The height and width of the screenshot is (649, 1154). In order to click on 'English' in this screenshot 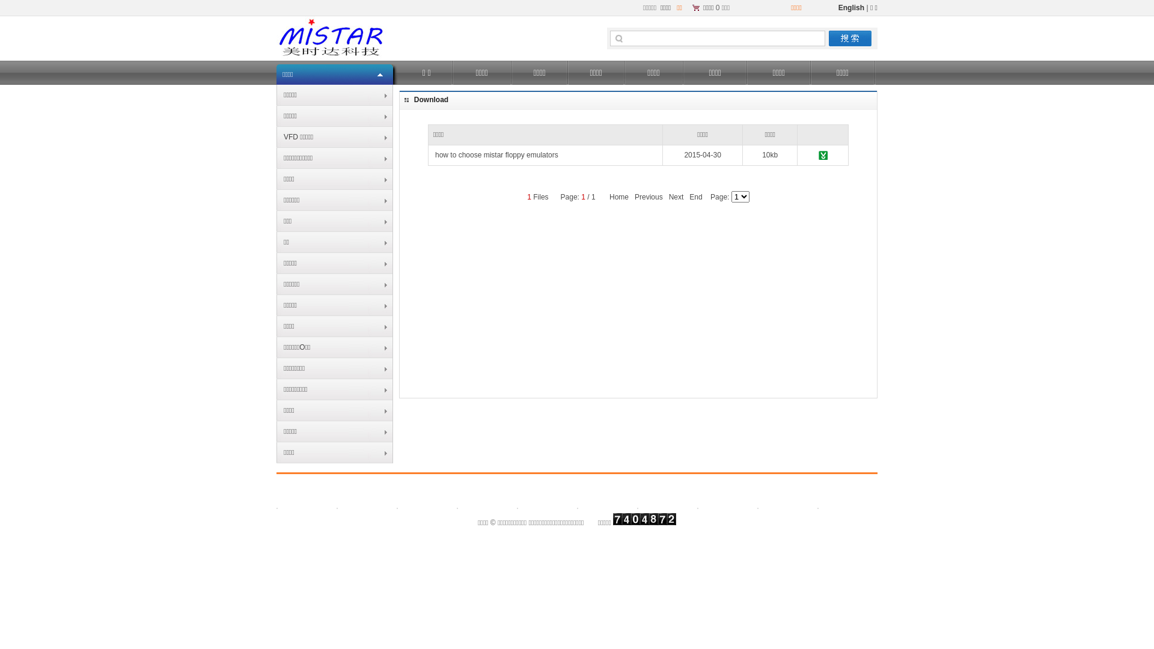, I will do `click(838, 7)`.